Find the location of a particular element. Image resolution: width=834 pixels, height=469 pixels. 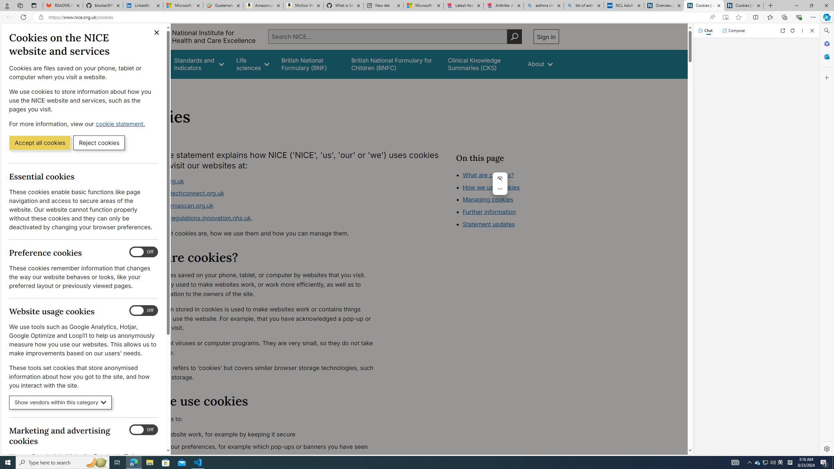

'Close cookie banner' is located at coordinates (157, 32).